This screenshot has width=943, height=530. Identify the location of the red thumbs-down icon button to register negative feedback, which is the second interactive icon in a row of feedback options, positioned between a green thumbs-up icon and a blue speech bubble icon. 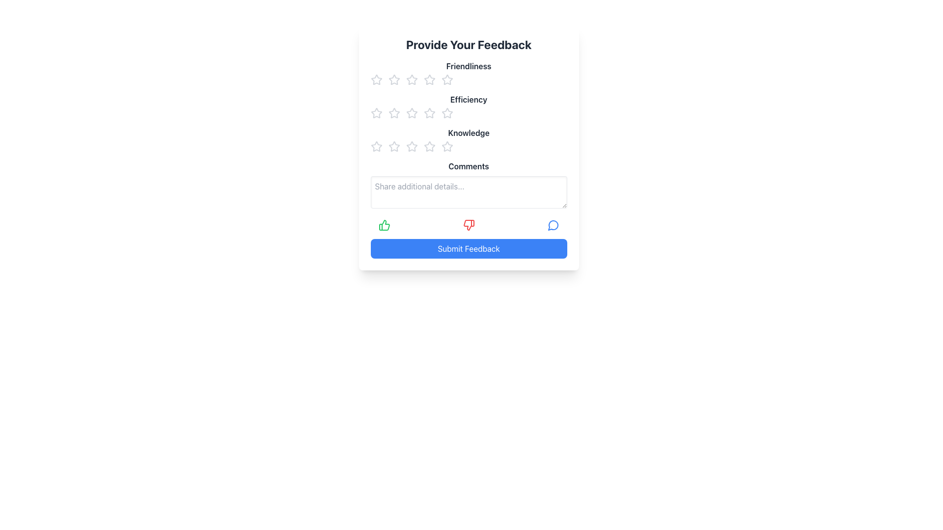
(468, 225).